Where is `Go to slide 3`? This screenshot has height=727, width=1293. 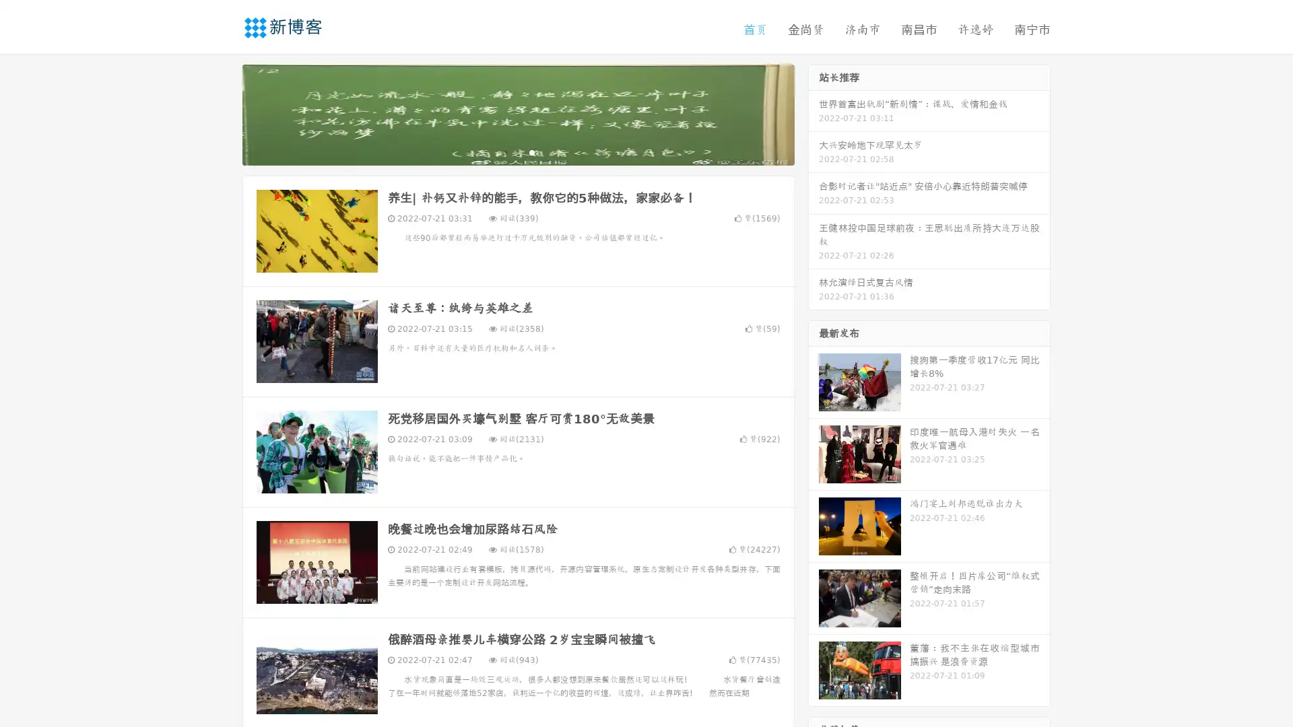
Go to slide 3 is located at coordinates (531, 151).